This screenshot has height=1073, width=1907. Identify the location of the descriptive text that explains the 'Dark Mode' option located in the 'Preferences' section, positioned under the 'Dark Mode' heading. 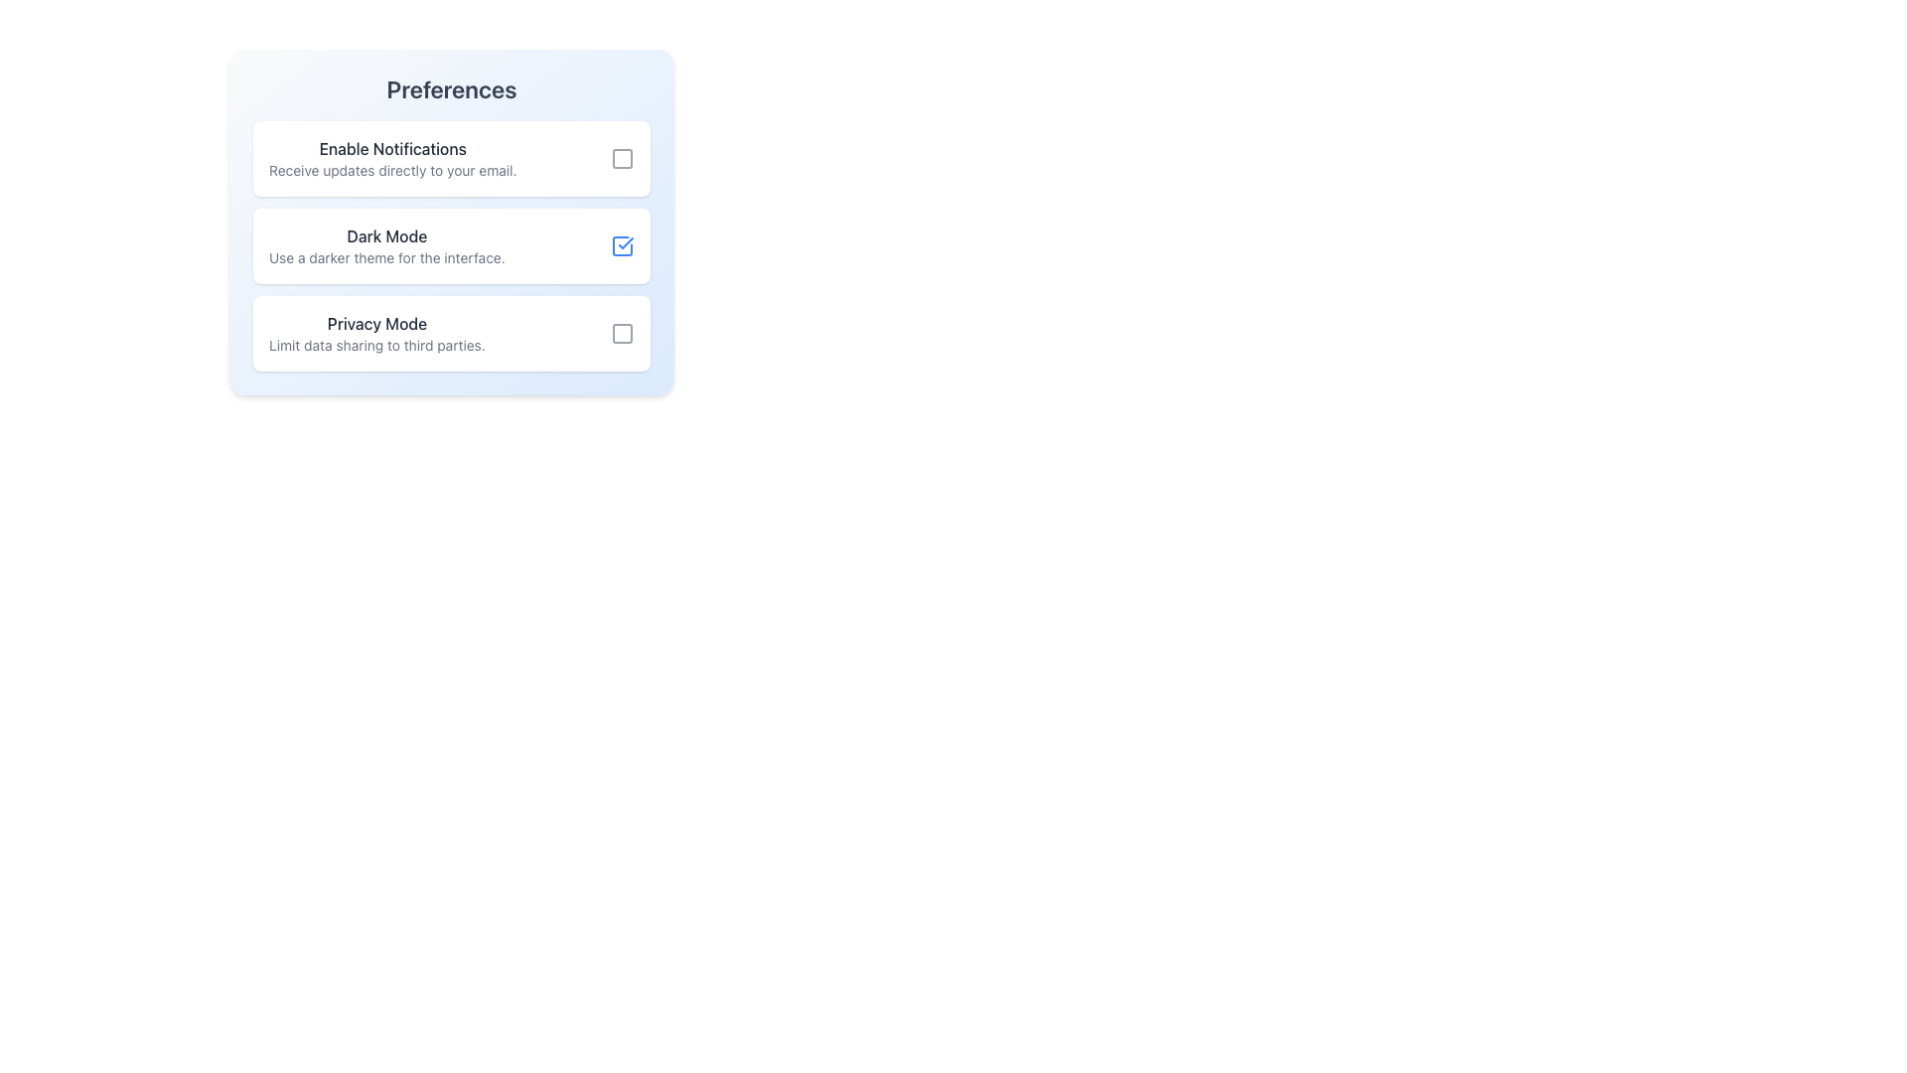
(386, 256).